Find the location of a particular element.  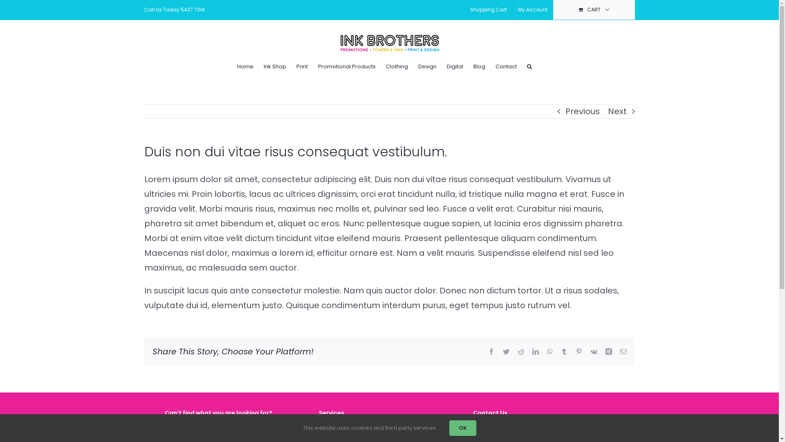

'Clothing' is located at coordinates (397, 66).